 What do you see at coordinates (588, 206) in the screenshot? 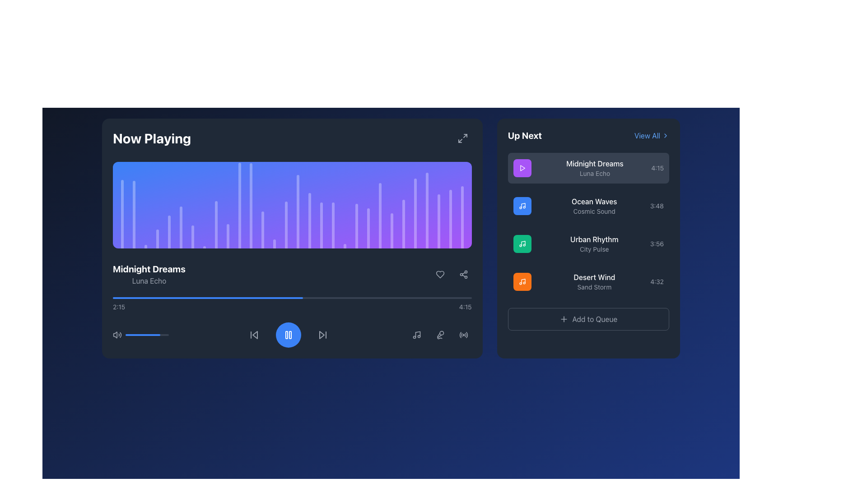
I see `the second list item in the 'Up Next' playlist titled 'Ocean Waves' which features a blue music note icon, the title in white, a subtitle in gray, and a duration in gray` at bounding box center [588, 206].